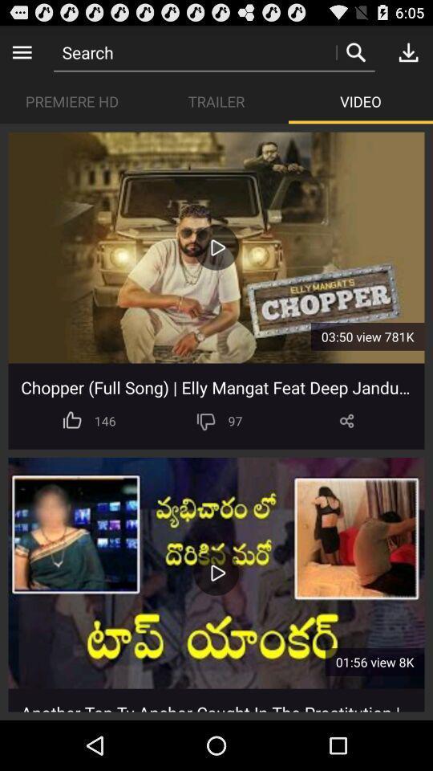 The width and height of the screenshot is (433, 771). What do you see at coordinates (206, 420) in the screenshot?
I see `the item next to the 146 item` at bounding box center [206, 420].